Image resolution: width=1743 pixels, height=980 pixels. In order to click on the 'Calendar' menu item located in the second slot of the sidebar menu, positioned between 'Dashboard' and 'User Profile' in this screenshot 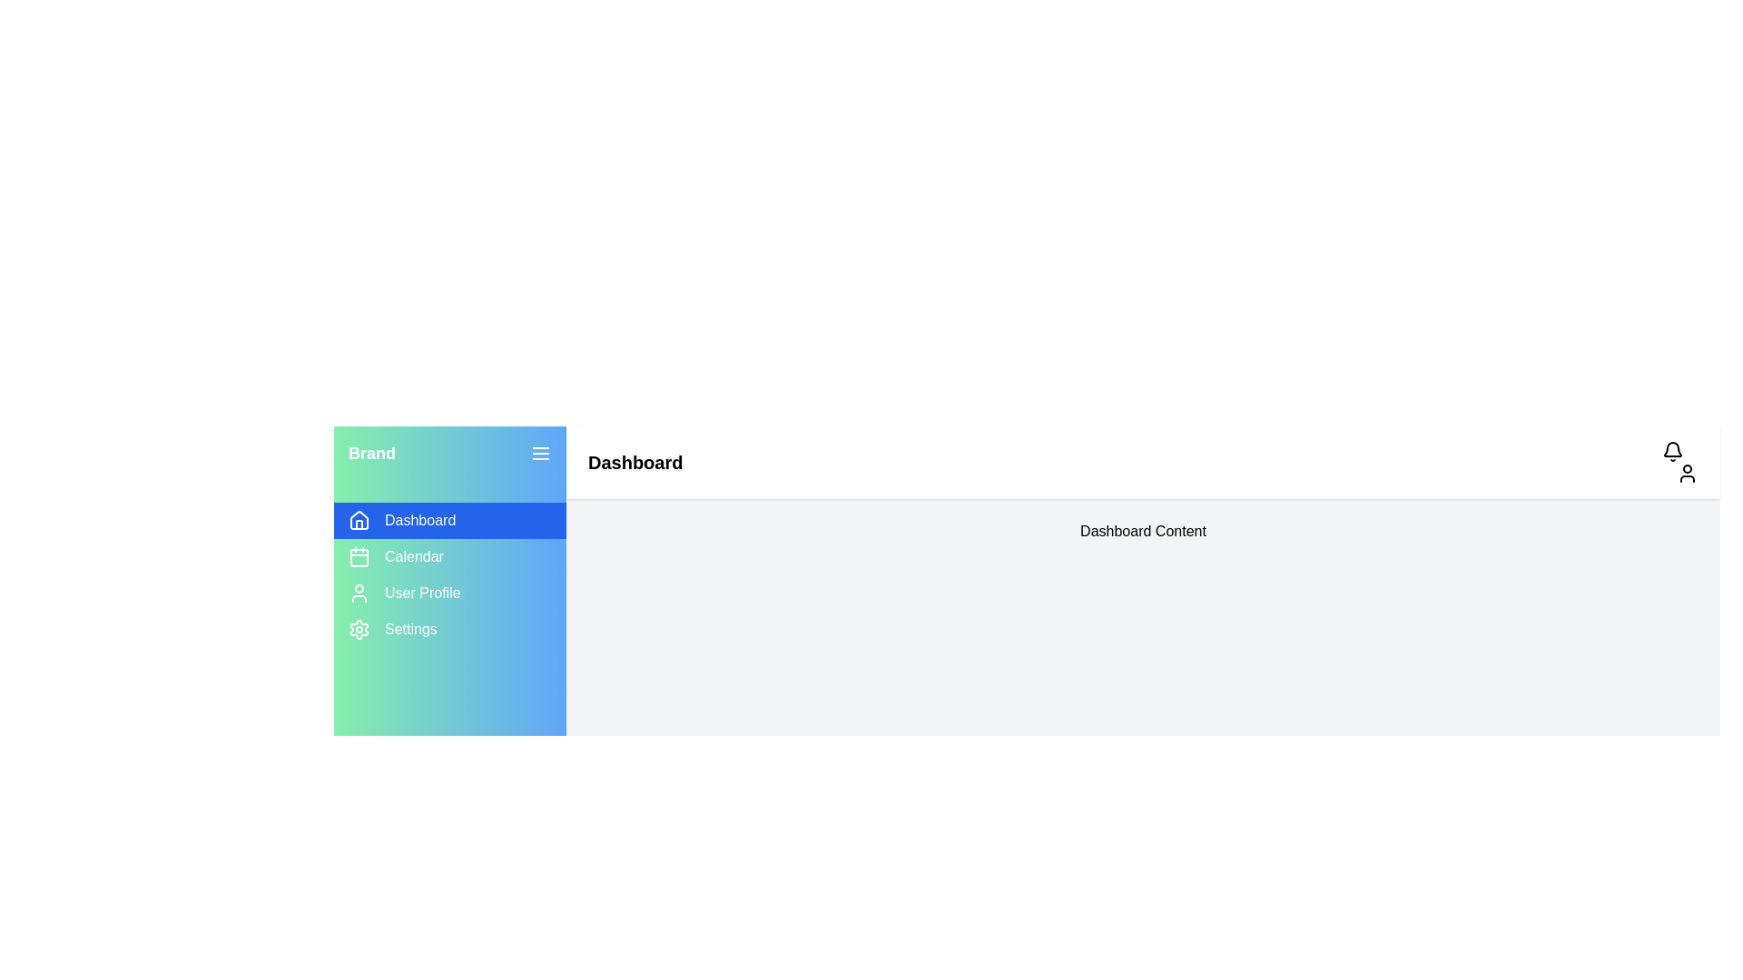, I will do `click(449, 574)`.